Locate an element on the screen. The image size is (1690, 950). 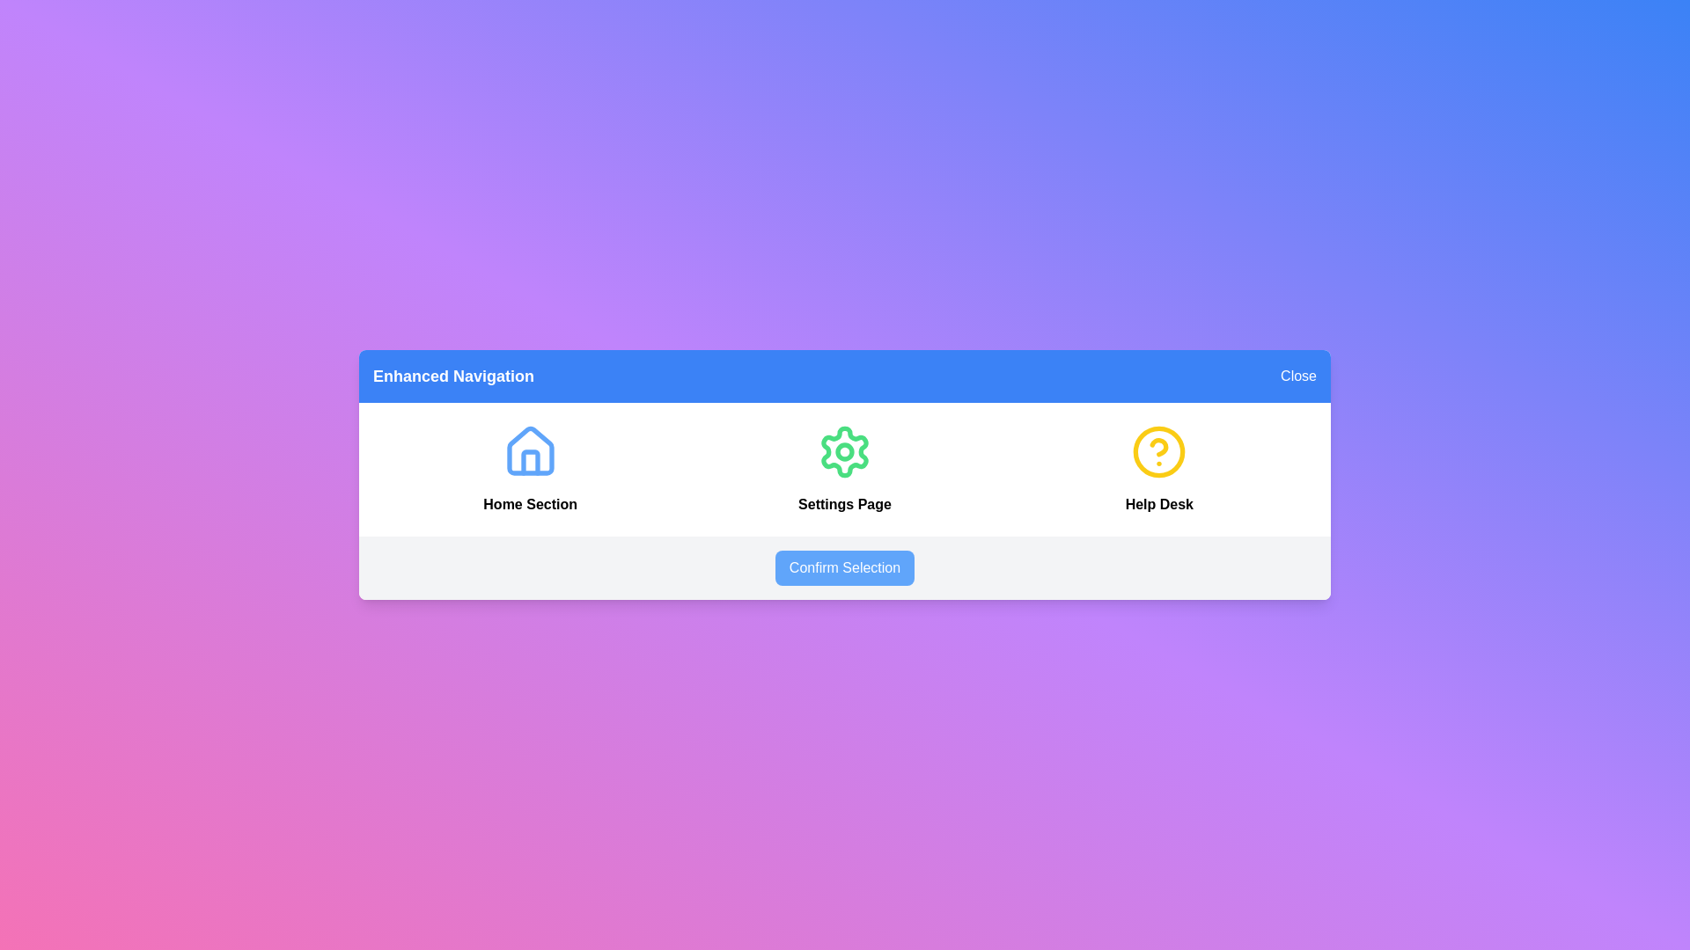
the 'Close' button to see the hover effect is located at coordinates (1298, 376).